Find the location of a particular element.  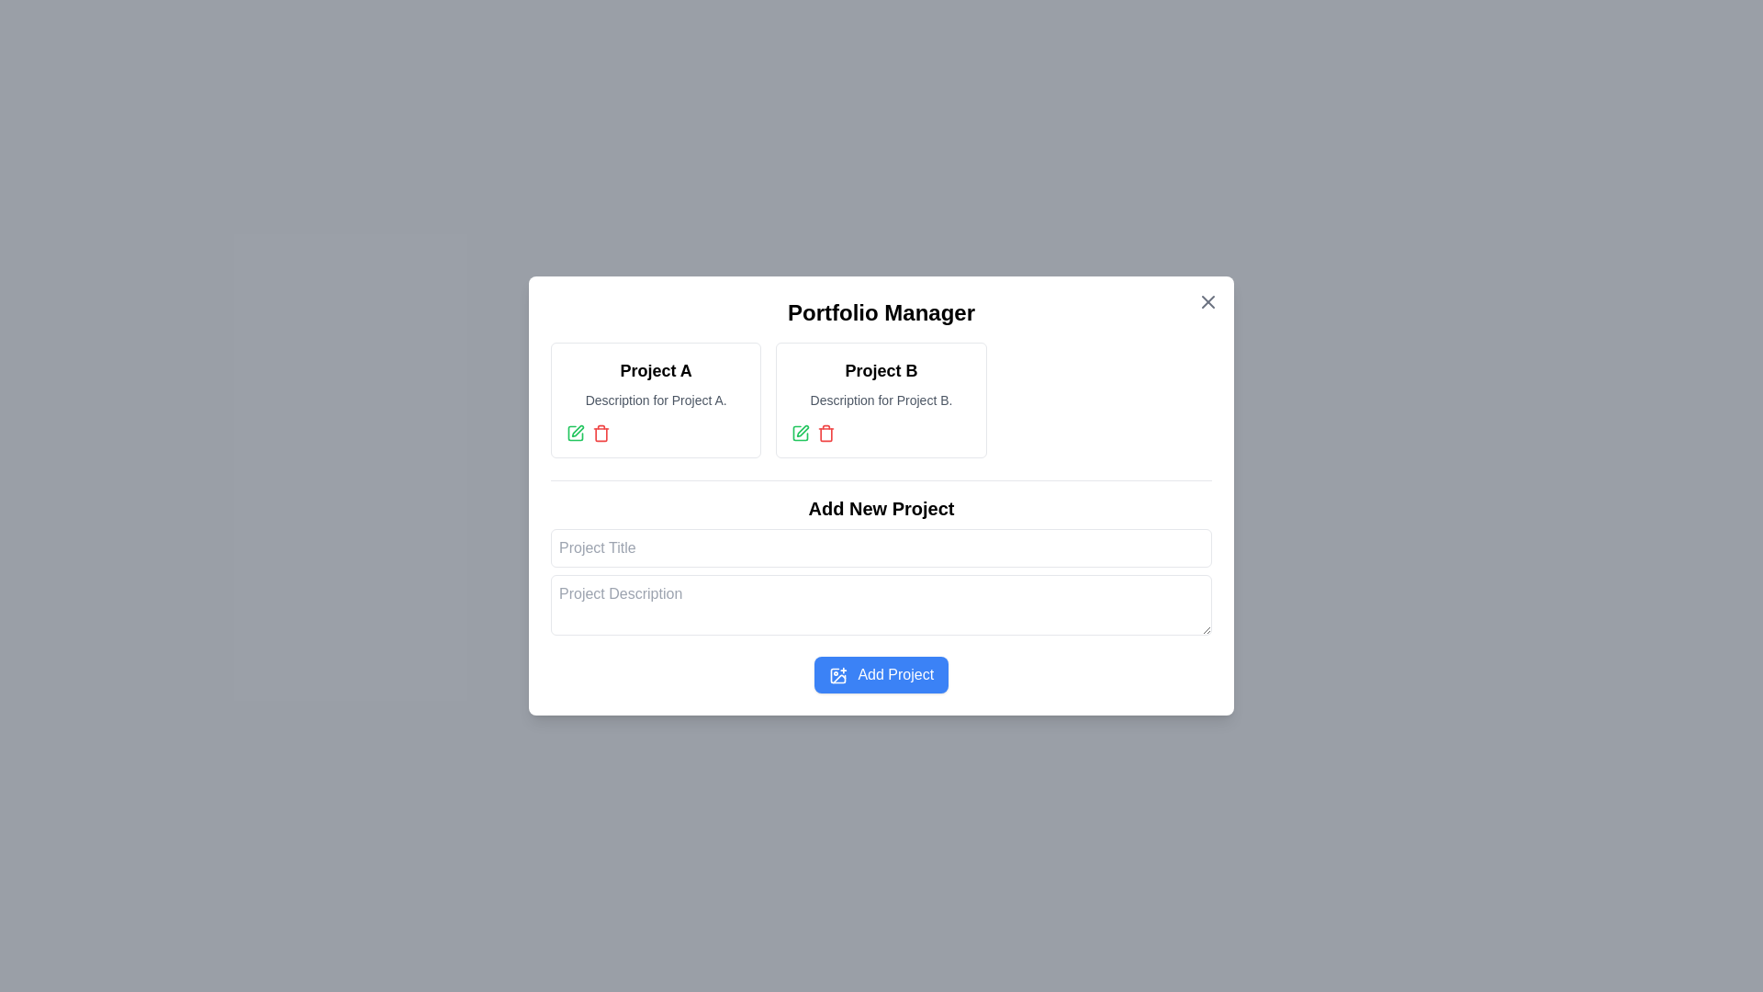

the heading text element that serves as the title for the portfolio management section, positioned at the top-center above 'Project A' and 'Project B' is located at coordinates (881, 311).